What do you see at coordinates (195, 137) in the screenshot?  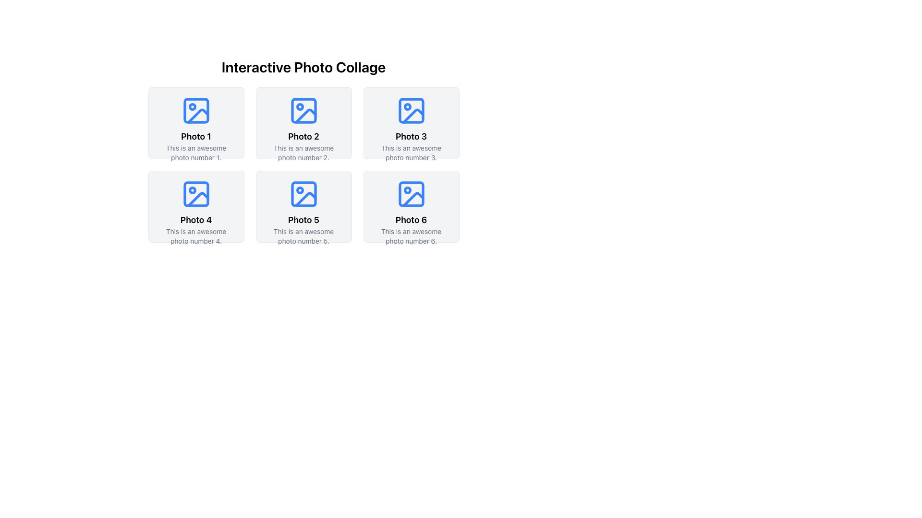 I see `text label 'Photo 1' which is a bold title located in the center of the top-left photo card in the grid layout` at bounding box center [195, 137].